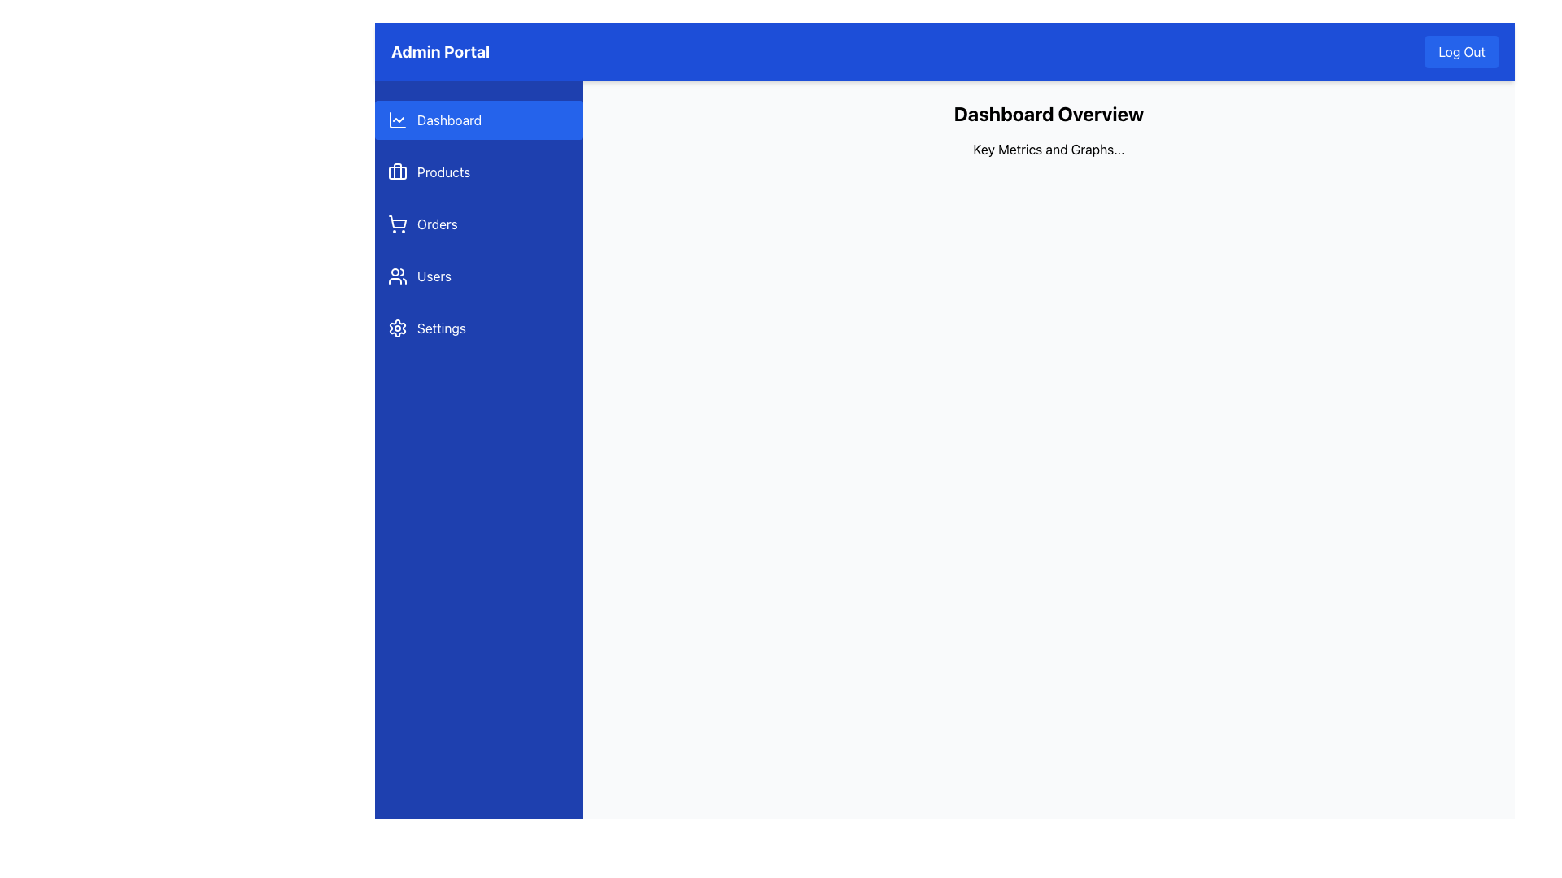 The image size is (1562, 878). I want to click on the 'Orders' menu item icon located in the sidebar navigation menu, which is positioned above the 'Users' option and below the 'Products' option, so click(398, 222).